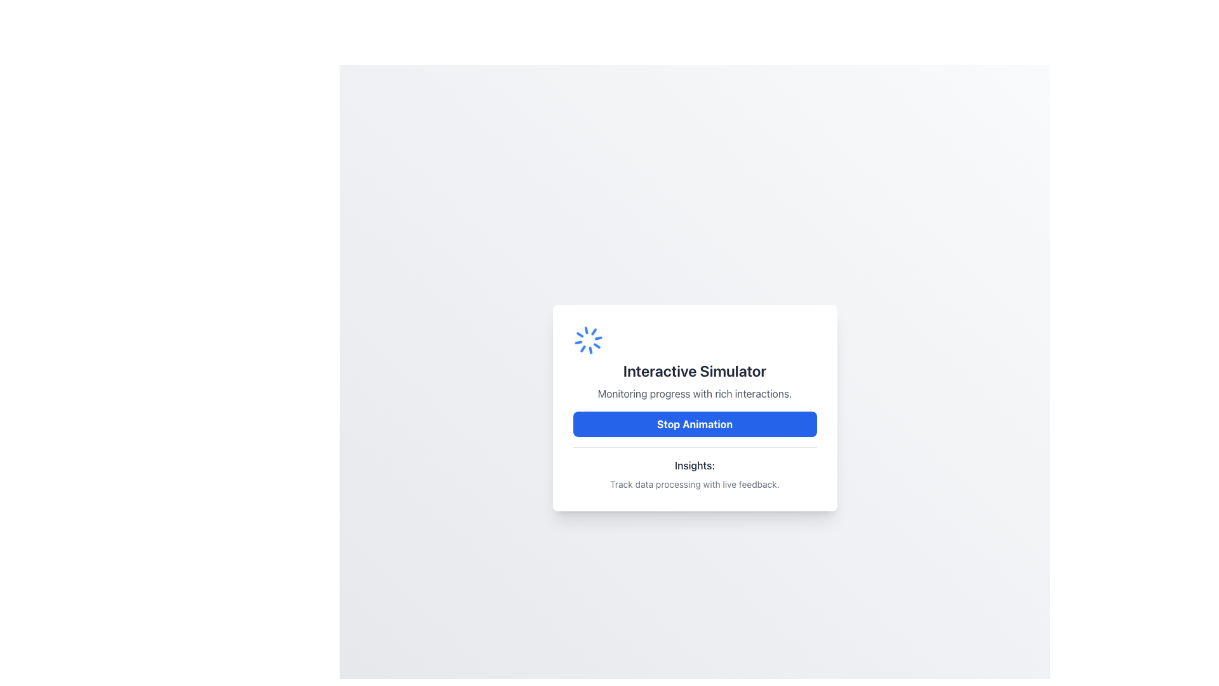 This screenshot has height=686, width=1219. I want to click on the Interactive Simulation Card, so click(694, 407).